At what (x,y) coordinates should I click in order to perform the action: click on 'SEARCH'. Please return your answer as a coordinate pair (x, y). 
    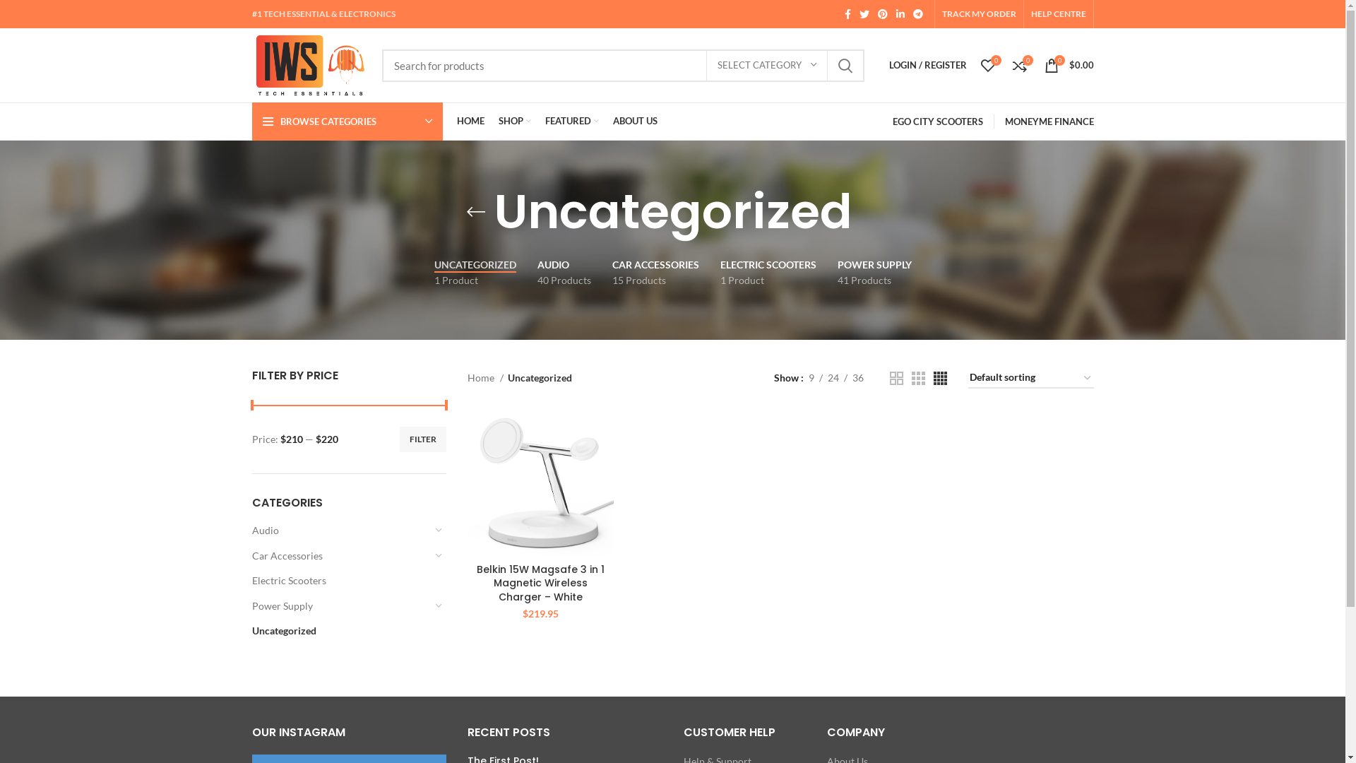
    Looking at the image, I should click on (845, 65).